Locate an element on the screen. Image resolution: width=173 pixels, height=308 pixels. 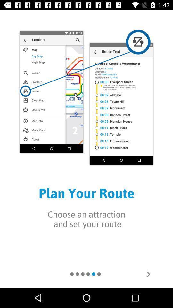
move page is located at coordinates (148, 274).